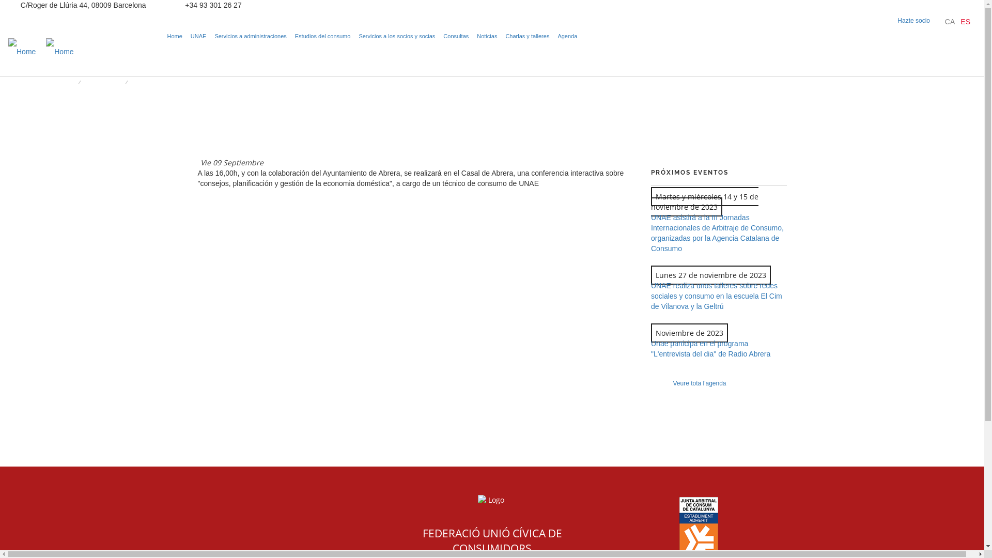 This screenshot has width=992, height=558. Describe the element at coordinates (527, 35) in the screenshot. I see `'Charlas y talleres'` at that location.